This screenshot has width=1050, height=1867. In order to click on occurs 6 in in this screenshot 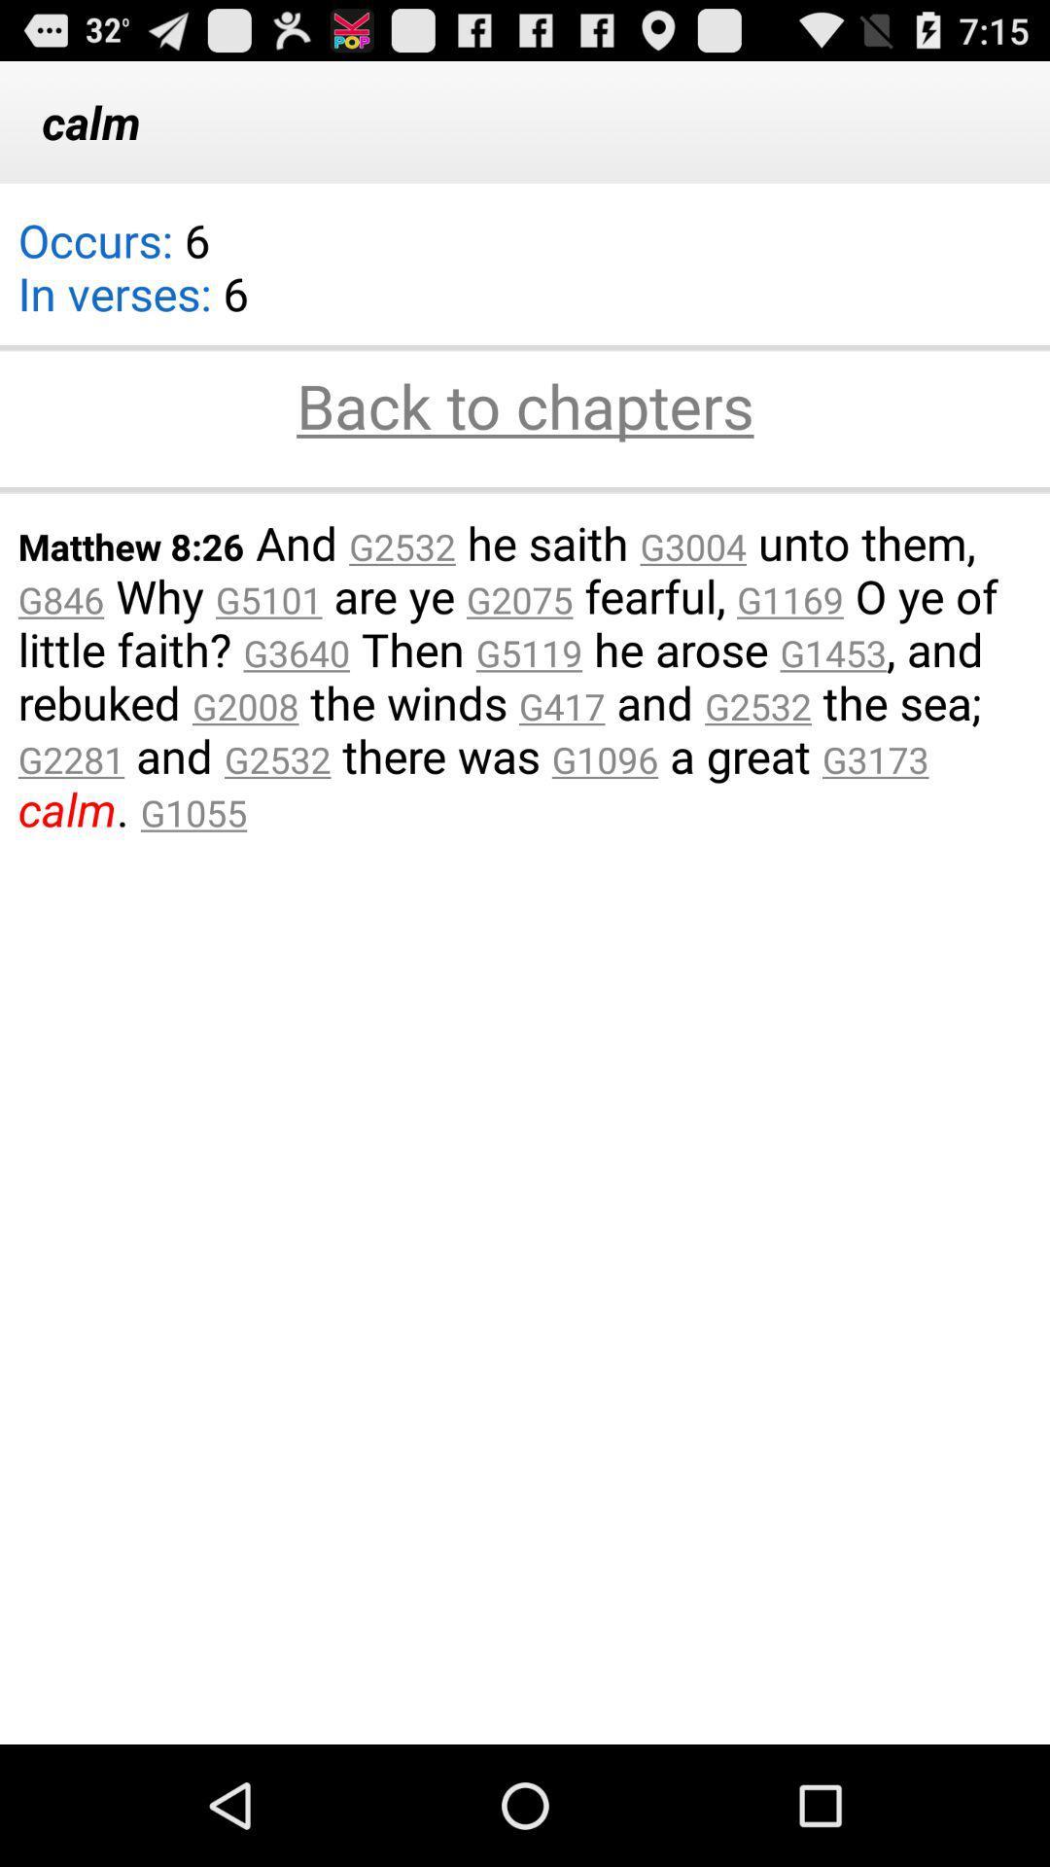, I will do `click(132, 278)`.